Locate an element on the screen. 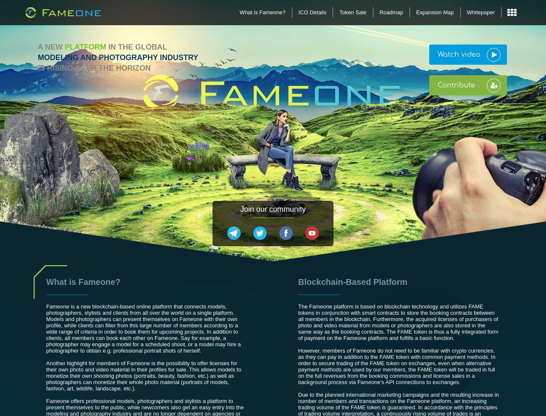 This screenshot has height=416, width=546. 'Another highlight for members of Fameone is the possibility to offer licenses for their own photo and video material in their profiles for sale. This allows models to monetize their own shooting photos (portraits, beauty, fashion, etc.) as well as photographers can monetize their whole photo material (portraits of models, fashion, art, wildlife, landscape, etc.).' is located at coordinates (143, 375).